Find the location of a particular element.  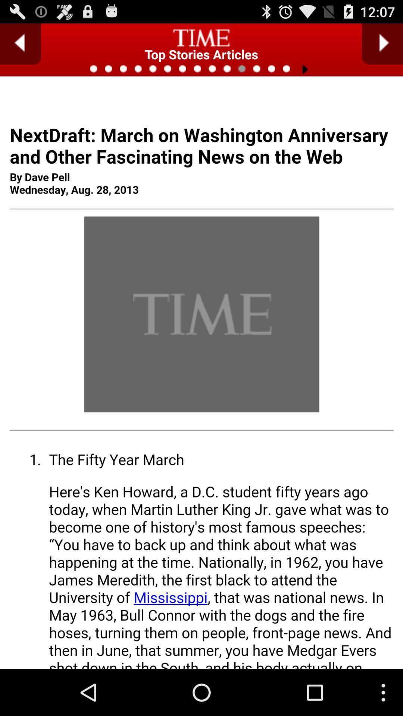

app to the left of the top stories articles item is located at coordinates (20, 44).